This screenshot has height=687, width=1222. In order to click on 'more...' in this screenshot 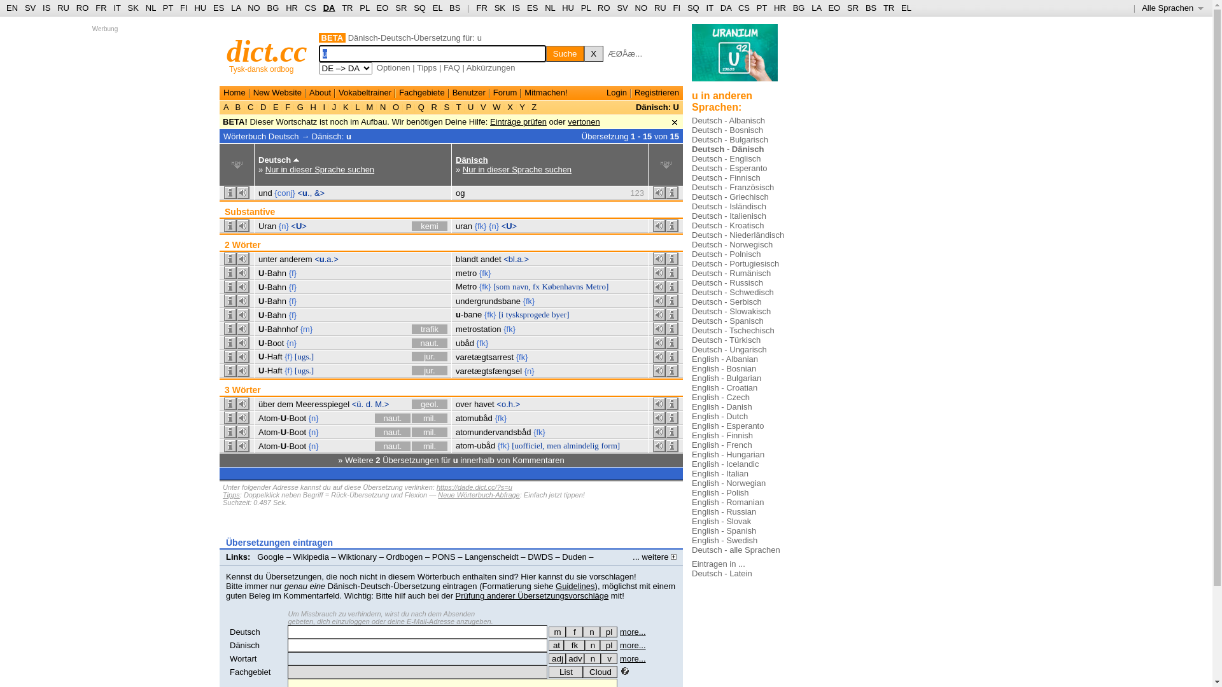, I will do `click(620, 658)`.